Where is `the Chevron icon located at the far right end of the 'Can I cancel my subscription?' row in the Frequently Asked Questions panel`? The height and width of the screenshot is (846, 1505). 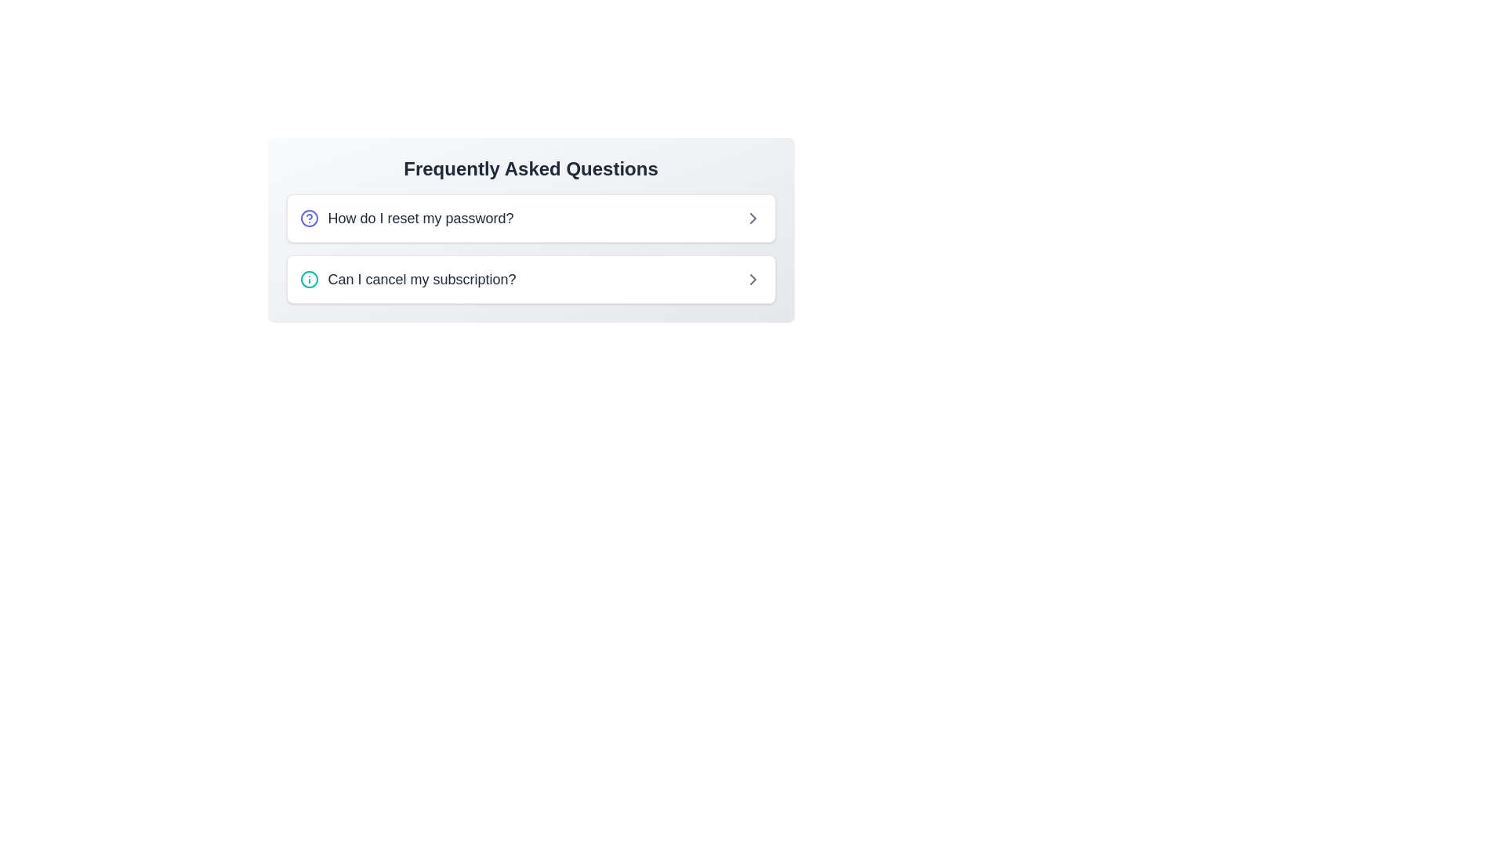 the Chevron icon located at the far right end of the 'Can I cancel my subscription?' row in the Frequently Asked Questions panel is located at coordinates (752, 279).